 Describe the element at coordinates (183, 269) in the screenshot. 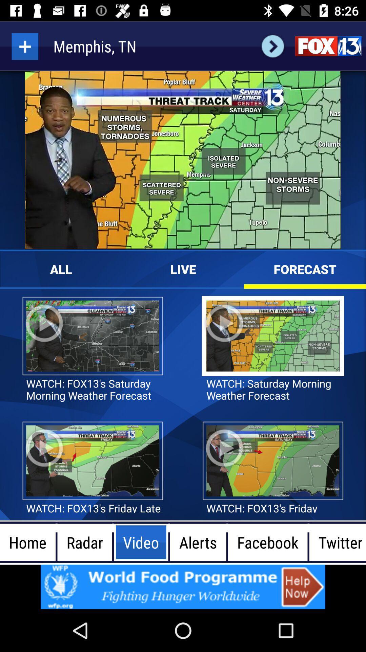

I see `the button next to live` at that location.